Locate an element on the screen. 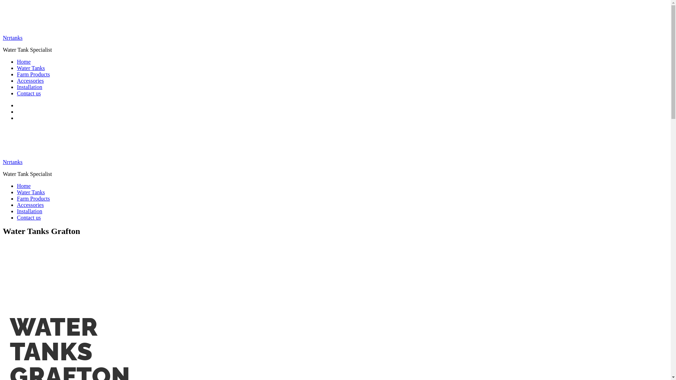 The image size is (676, 380). 'Farm Products' is located at coordinates (33, 198).